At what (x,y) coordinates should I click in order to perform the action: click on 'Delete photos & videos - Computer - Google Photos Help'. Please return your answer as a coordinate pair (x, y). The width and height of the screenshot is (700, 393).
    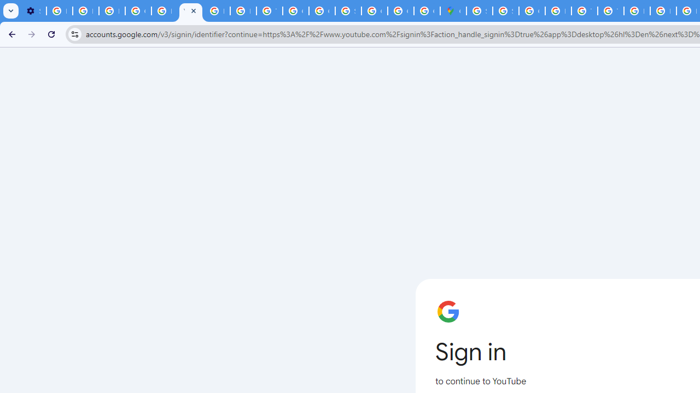
    Looking at the image, I should click on (59, 11).